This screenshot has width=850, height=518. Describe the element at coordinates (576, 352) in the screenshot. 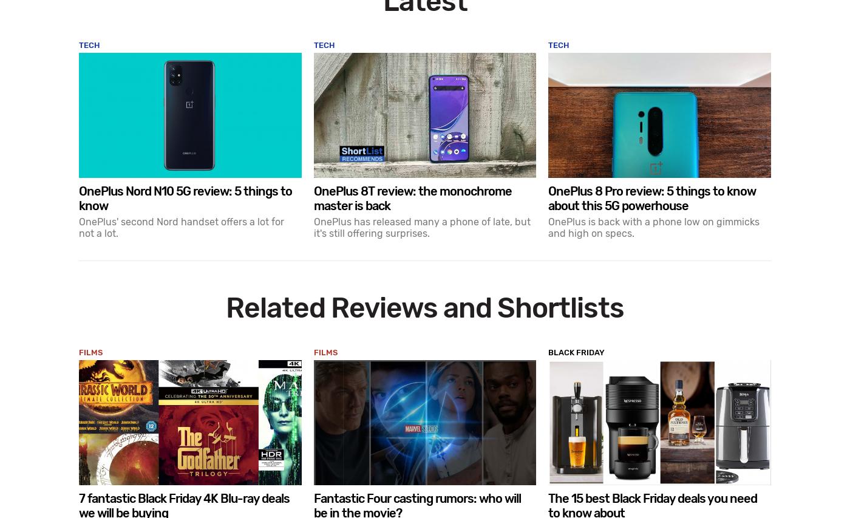

I see `'Black Friday'` at that location.